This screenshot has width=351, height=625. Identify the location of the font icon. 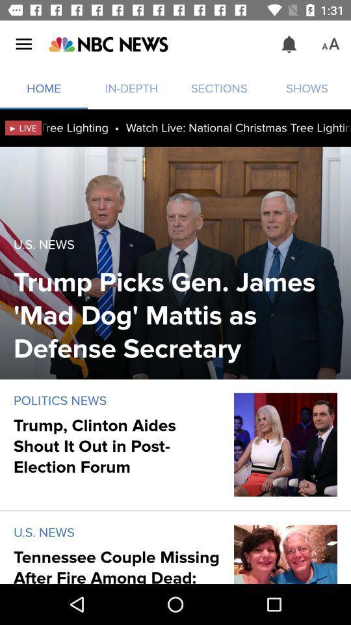
(330, 44).